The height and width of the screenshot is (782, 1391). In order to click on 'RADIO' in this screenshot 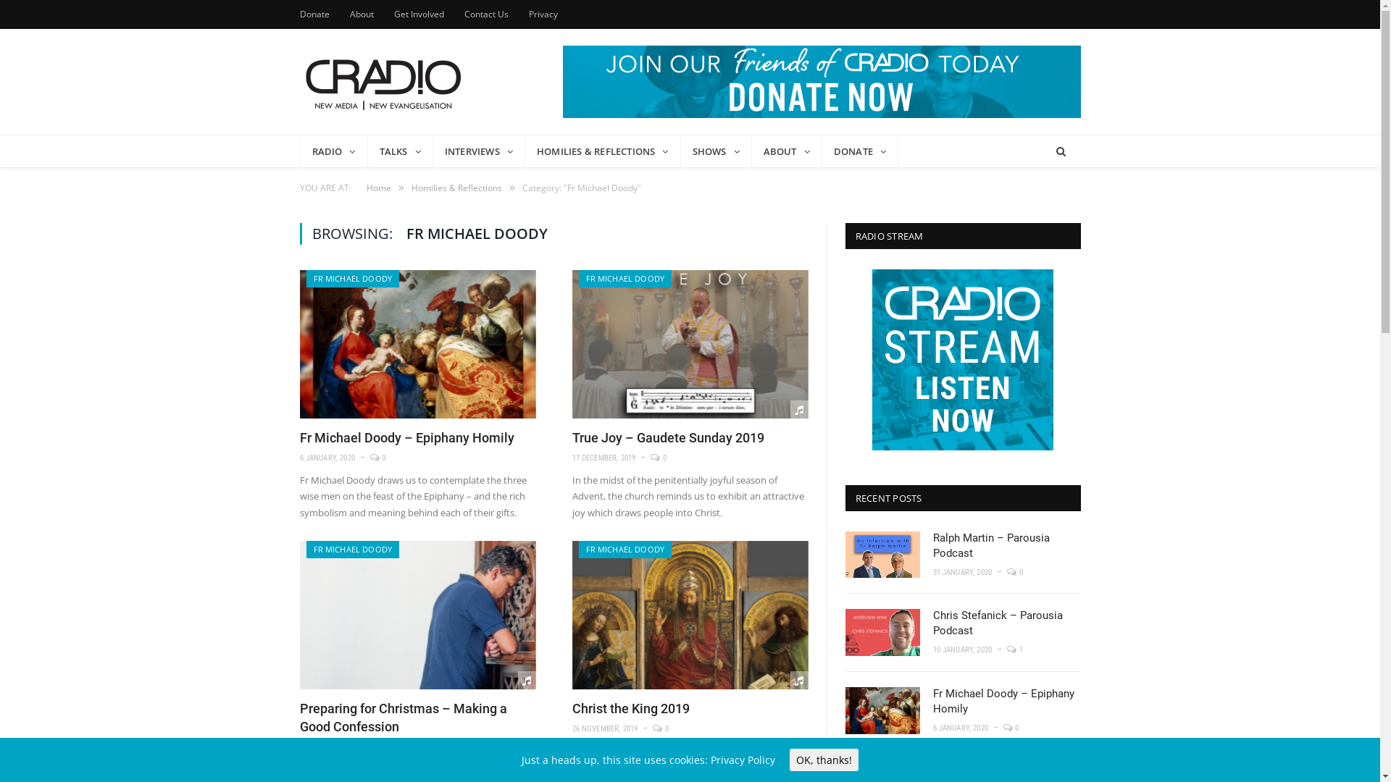, I will do `click(333, 151)`.